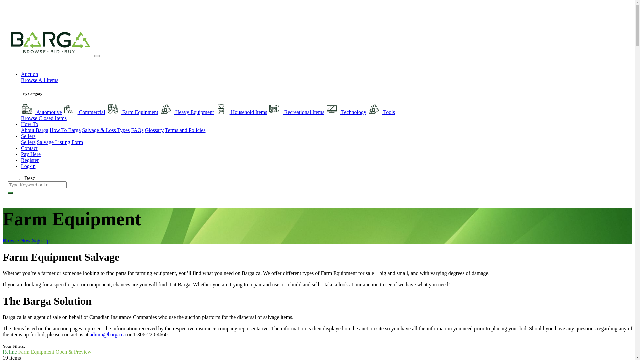 The image size is (640, 360). Describe the element at coordinates (21, 160) in the screenshot. I see `'Register'` at that location.